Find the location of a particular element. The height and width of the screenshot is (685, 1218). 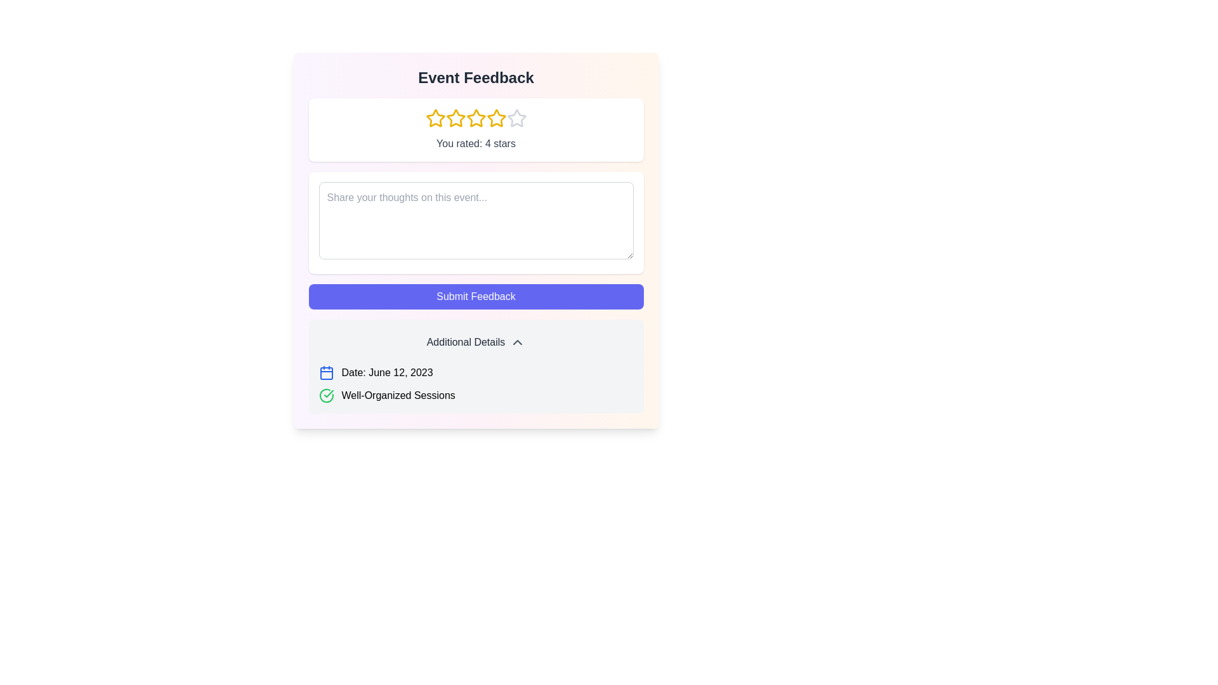

the button labeled 'Additional Details' which is centered at the bottom of the 'Event Feedback' panel, above the details labeled 'Date: June 12, 2023' and 'Well-Organized Sessions' is located at coordinates (475, 342).